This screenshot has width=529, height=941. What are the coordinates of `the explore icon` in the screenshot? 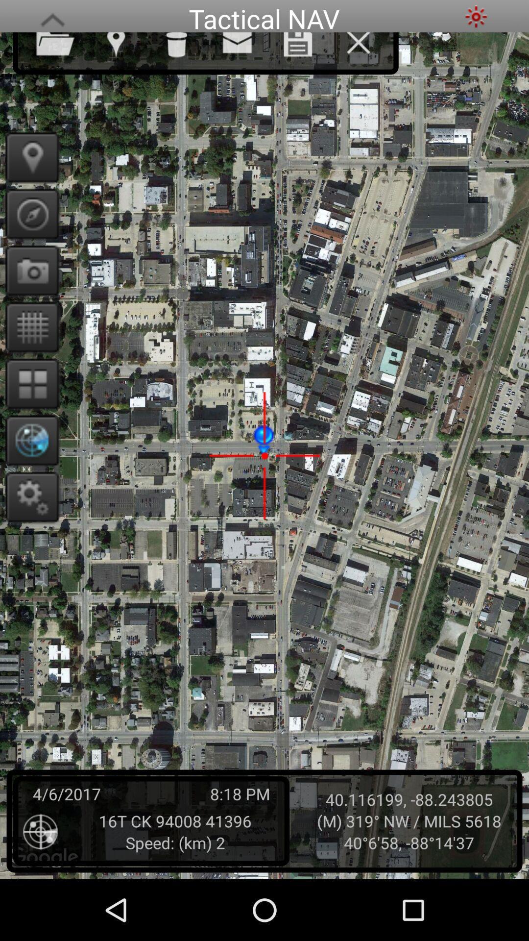 It's located at (28, 228).